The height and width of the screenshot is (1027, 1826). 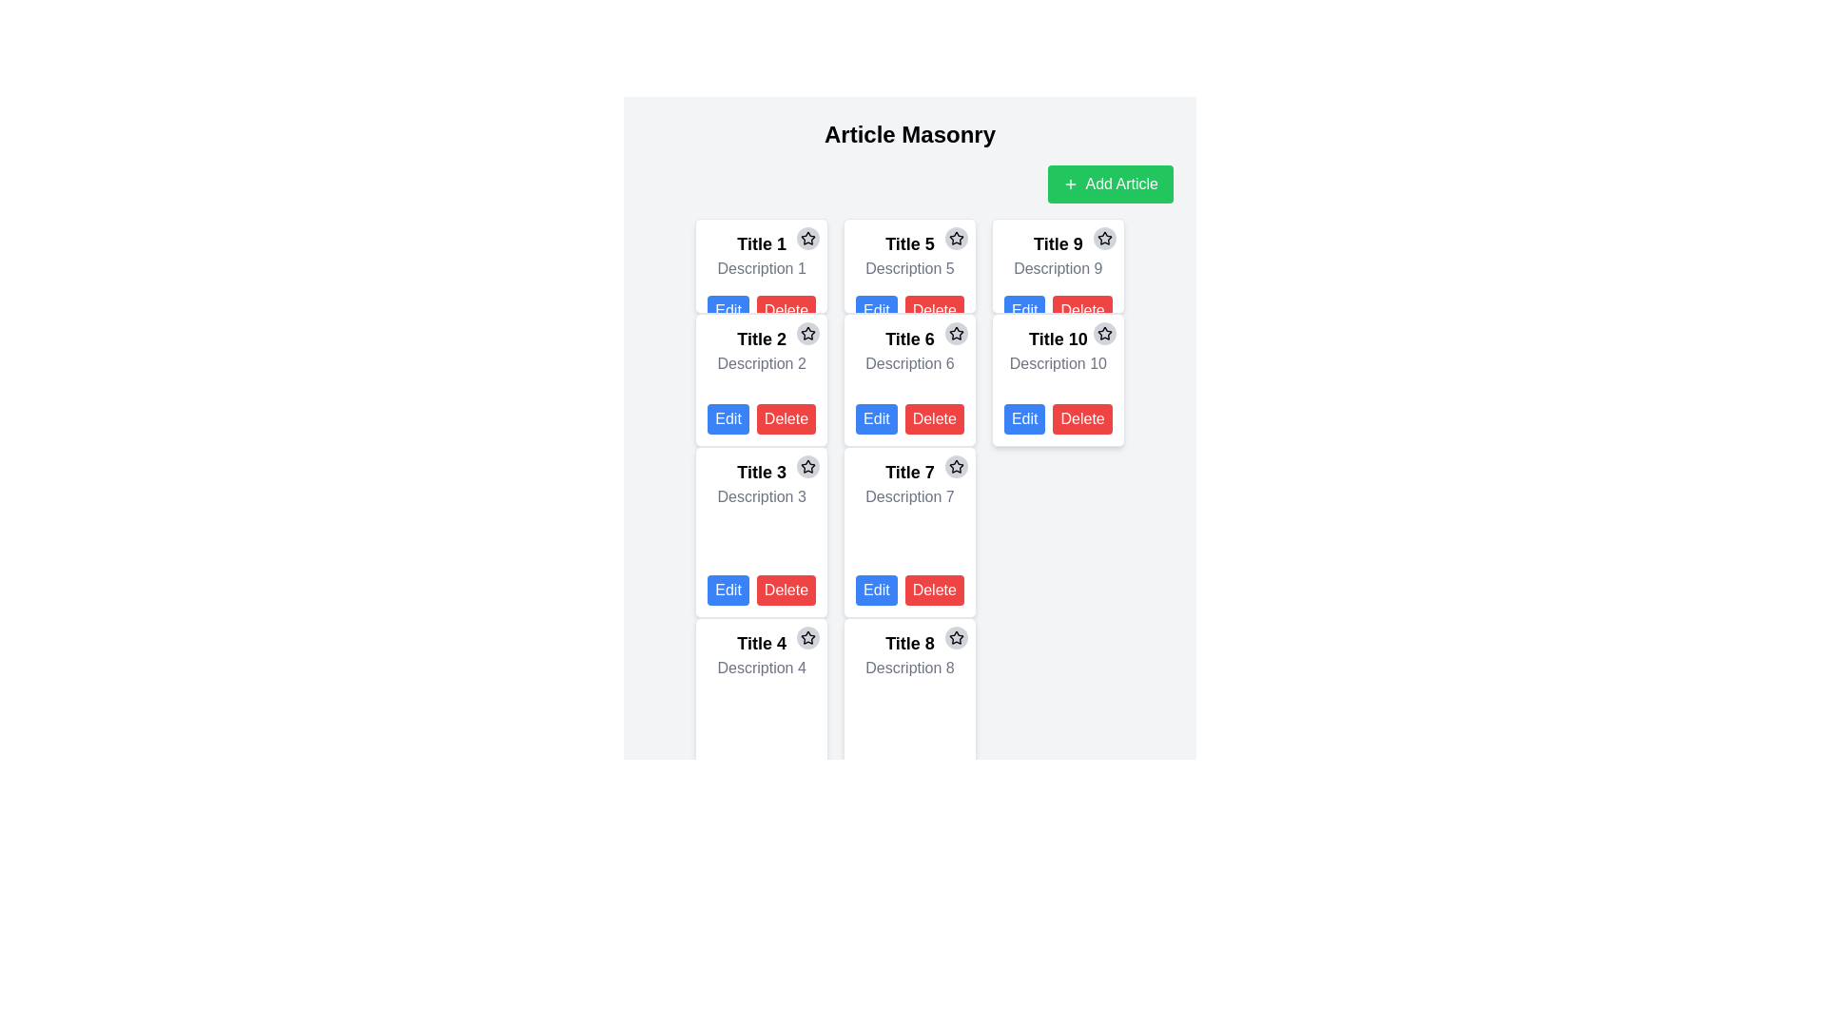 I want to click on on the hollow star-shaped icon located in the upper right side of the box labeled 'Title 10 Description 10', so click(x=1104, y=332).